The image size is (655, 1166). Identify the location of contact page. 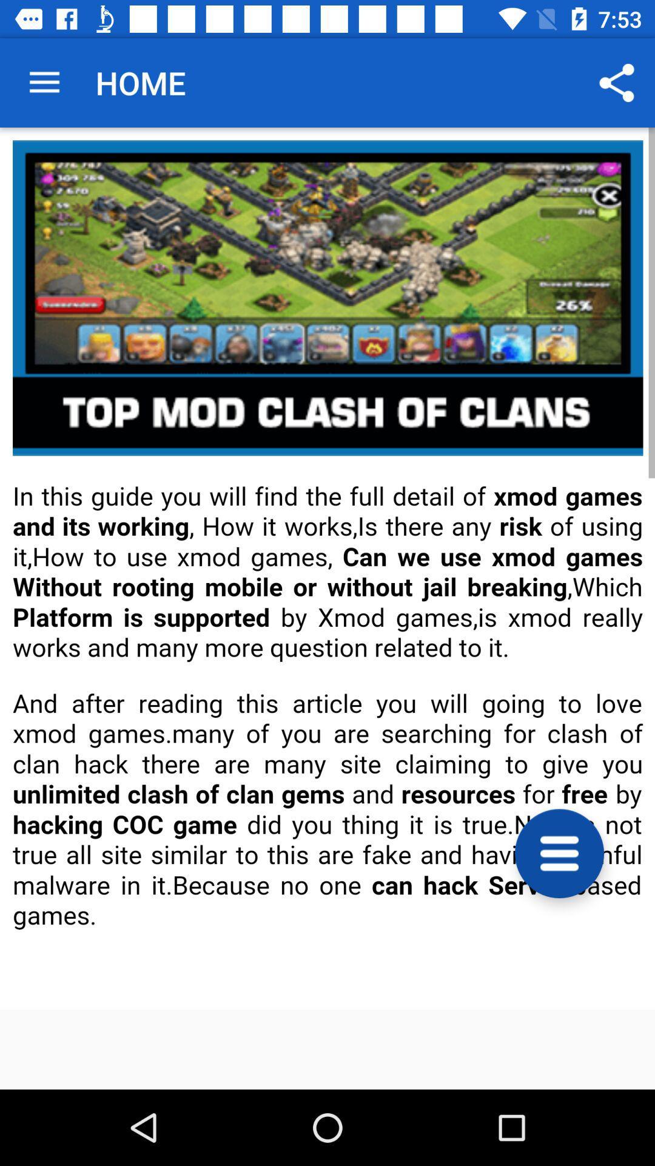
(327, 568).